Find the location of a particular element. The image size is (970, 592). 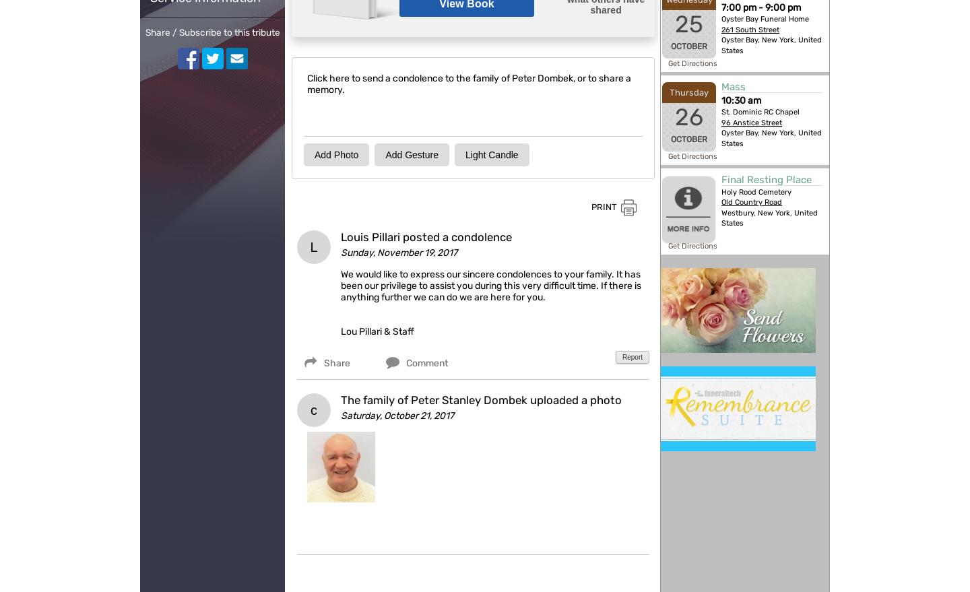

'L' is located at coordinates (313, 246).